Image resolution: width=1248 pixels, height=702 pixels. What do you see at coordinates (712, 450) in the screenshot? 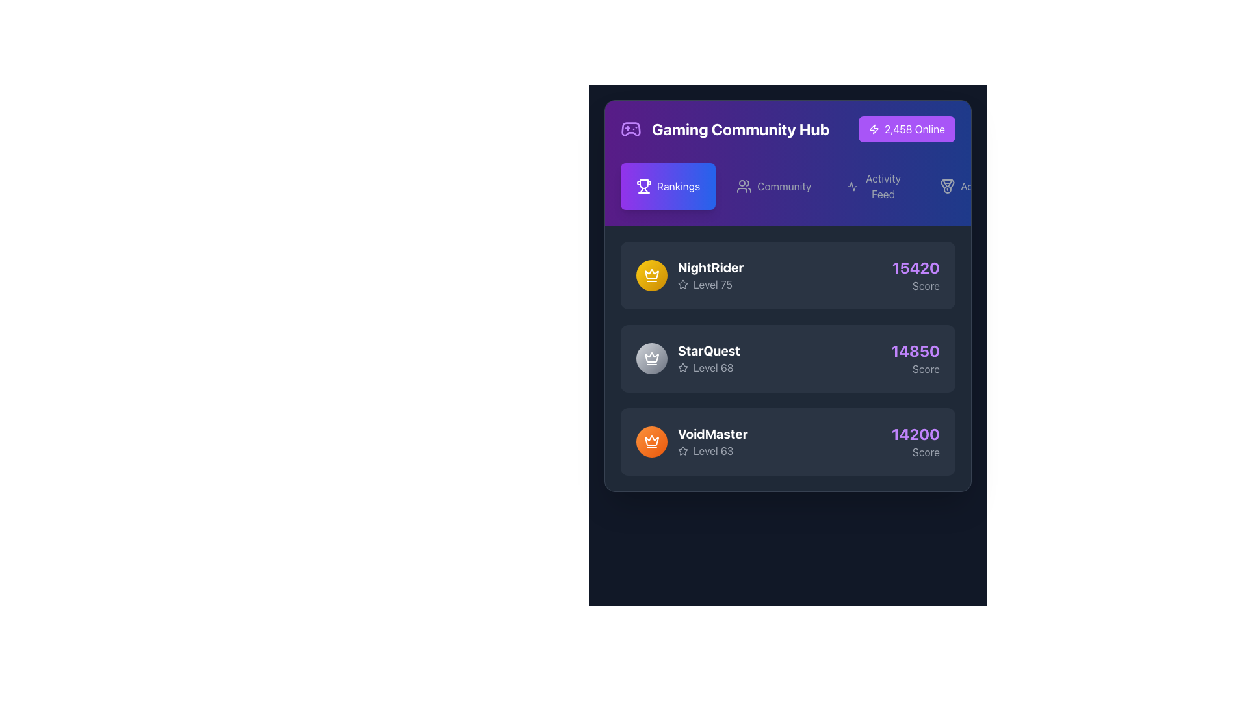
I see `the text label displaying 'Level 63' in light gray, which is part of the ranking list for player 'VoidMaster'` at bounding box center [712, 450].